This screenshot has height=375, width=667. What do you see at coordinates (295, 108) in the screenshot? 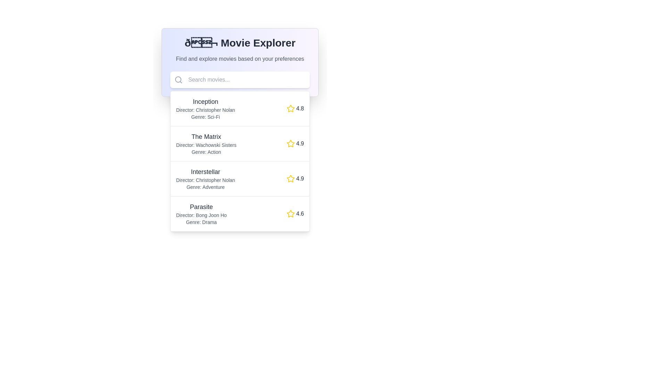
I see `the yellow star icon and text label representing the rating of the movie 'Inception'` at bounding box center [295, 108].